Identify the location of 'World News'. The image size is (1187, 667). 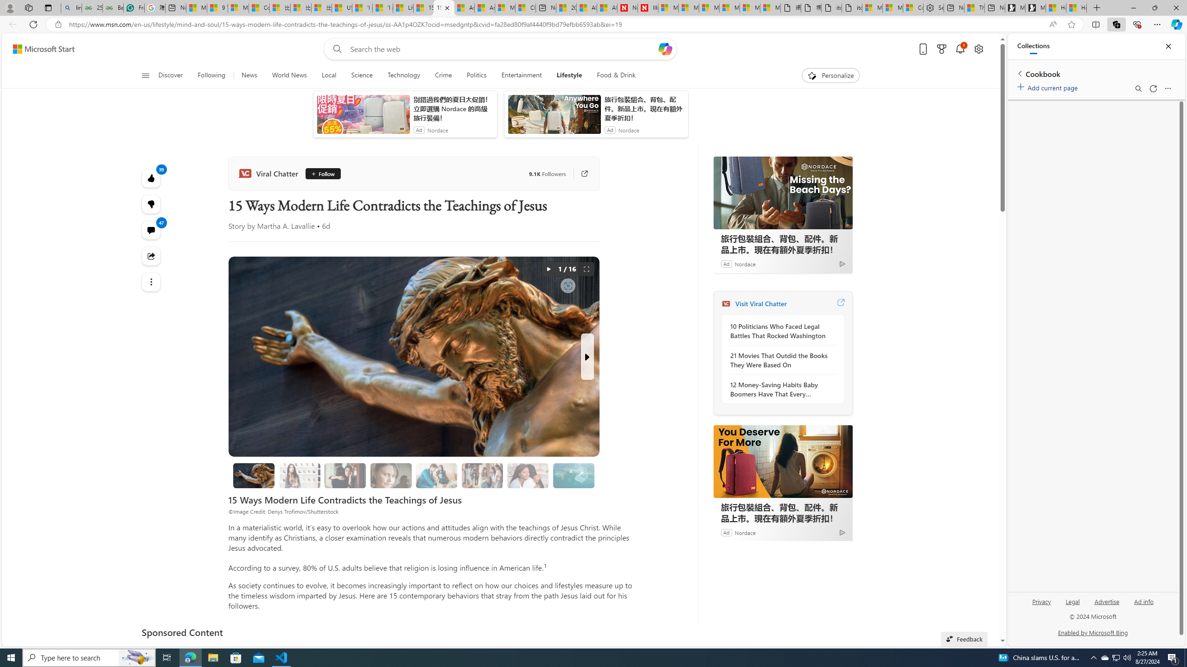
(289, 75).